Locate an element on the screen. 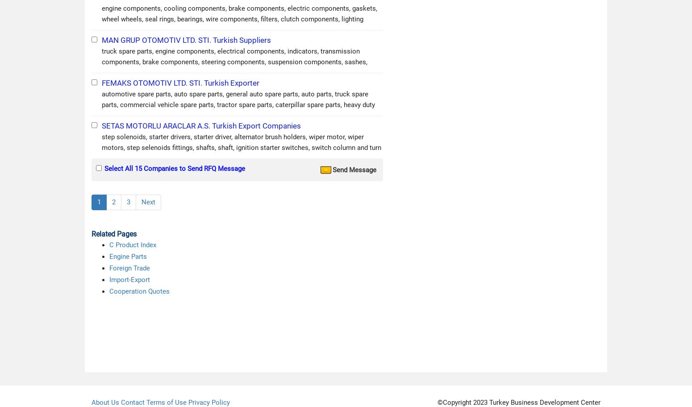  'Terms of Use' is located at coordinates (166, 402).